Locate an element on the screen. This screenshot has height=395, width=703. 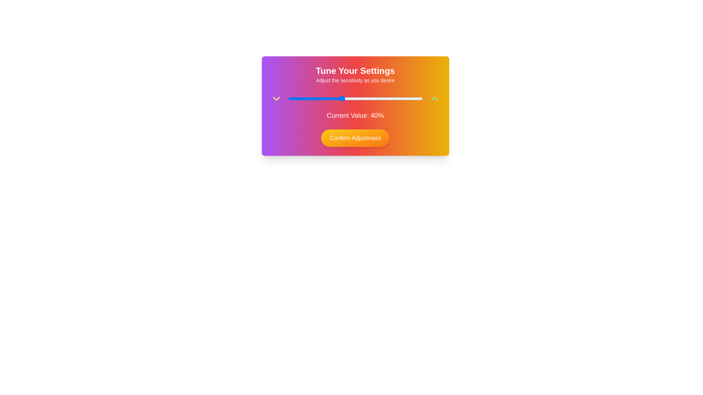
the ChevronDown icon to perform the intended action is located at coordinates (276, 99).